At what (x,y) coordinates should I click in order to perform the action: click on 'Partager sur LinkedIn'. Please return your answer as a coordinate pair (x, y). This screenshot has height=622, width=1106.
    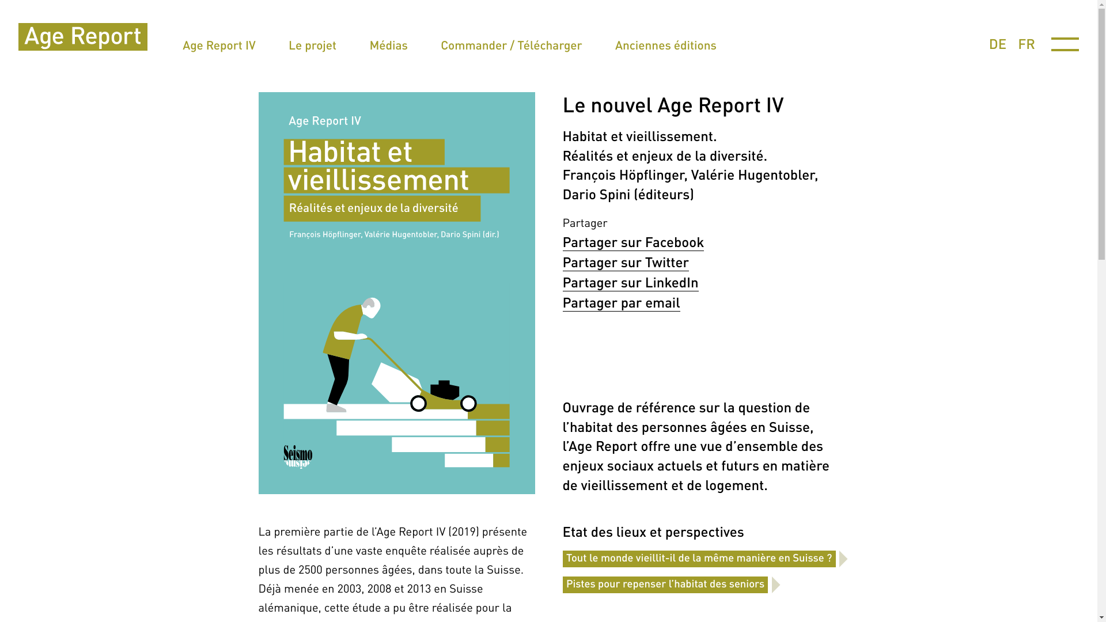
    Looking at the image, I should click on (562, 282).